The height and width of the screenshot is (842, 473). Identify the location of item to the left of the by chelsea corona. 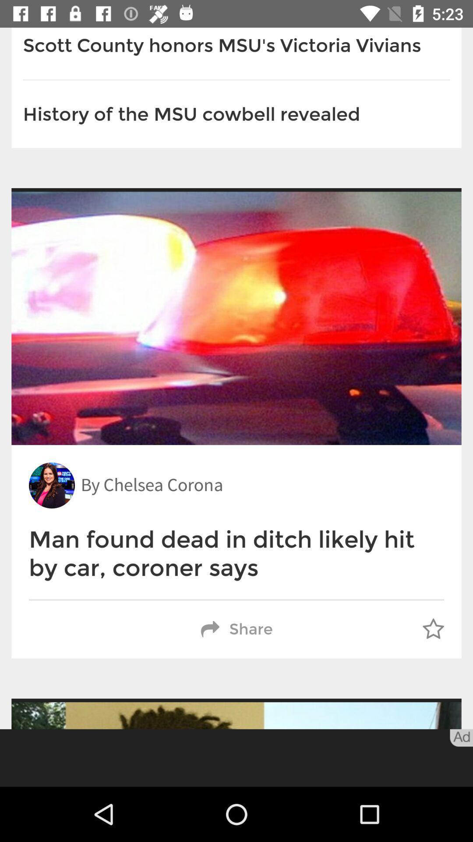
(52, 485).